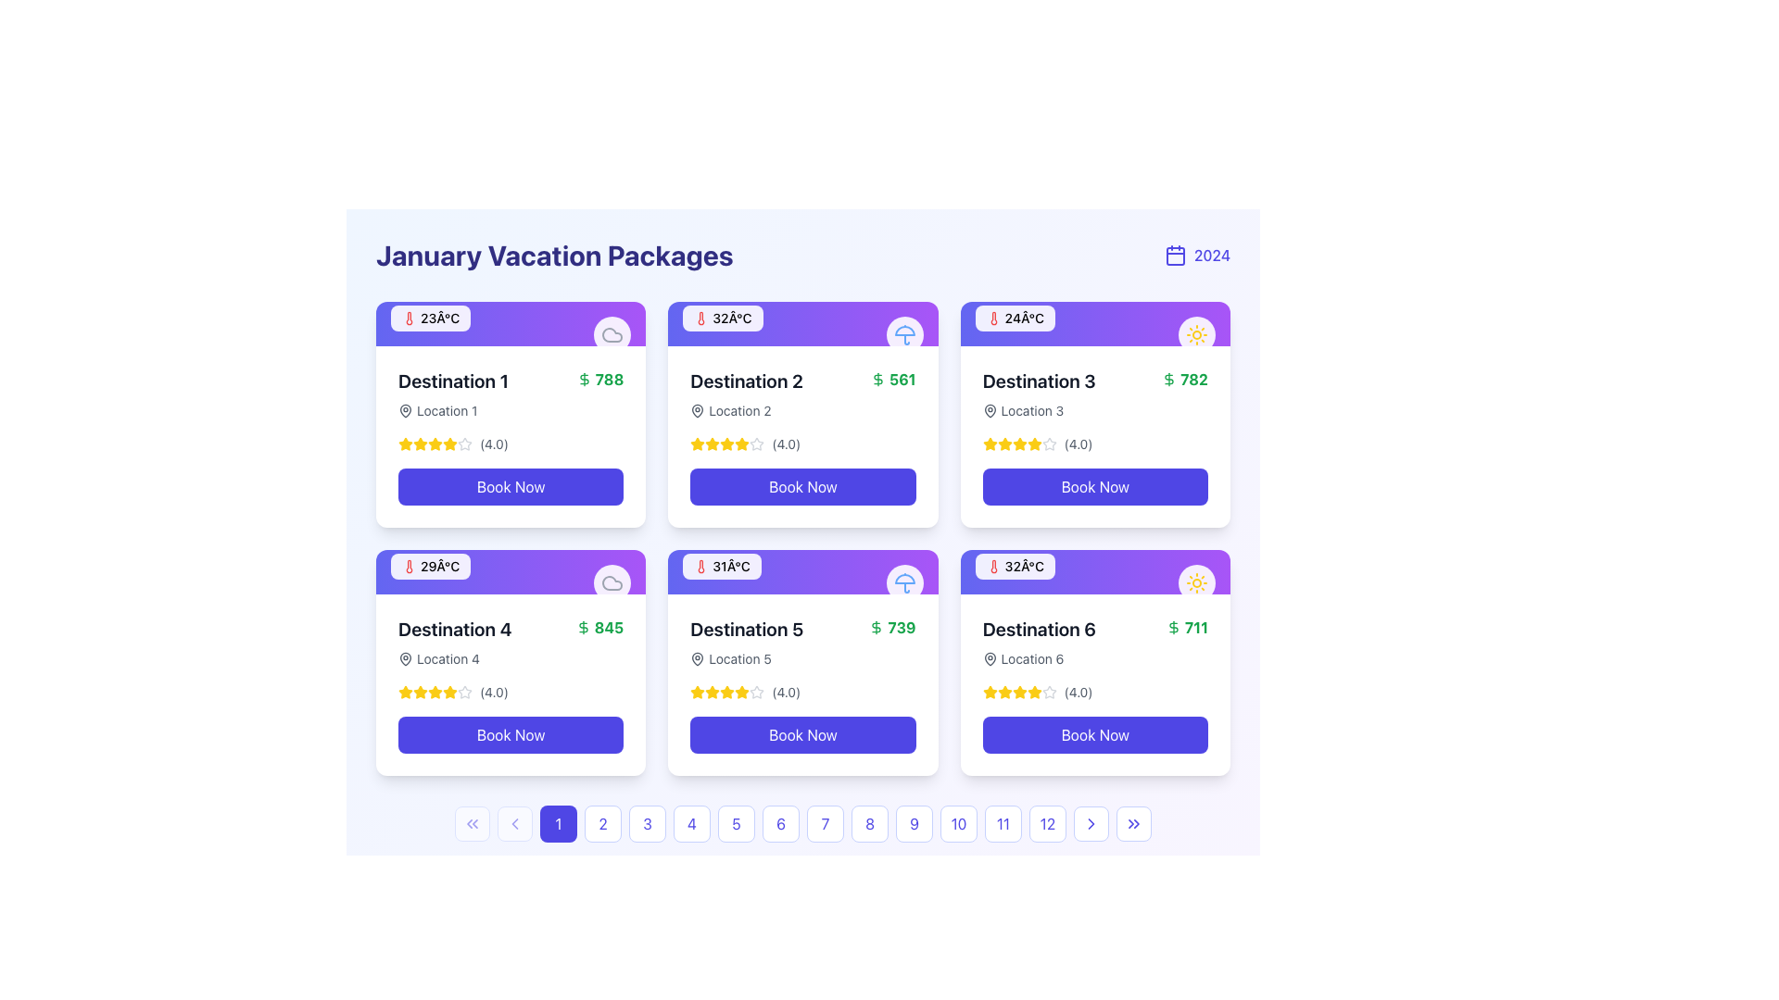 The width and height of the screenshot is (1779, 1000). I want to click on the label displaying the location associated with 'Destination 2', which is located directly under the title and price information of the second destination card in the grid layout, so click(747, 409).